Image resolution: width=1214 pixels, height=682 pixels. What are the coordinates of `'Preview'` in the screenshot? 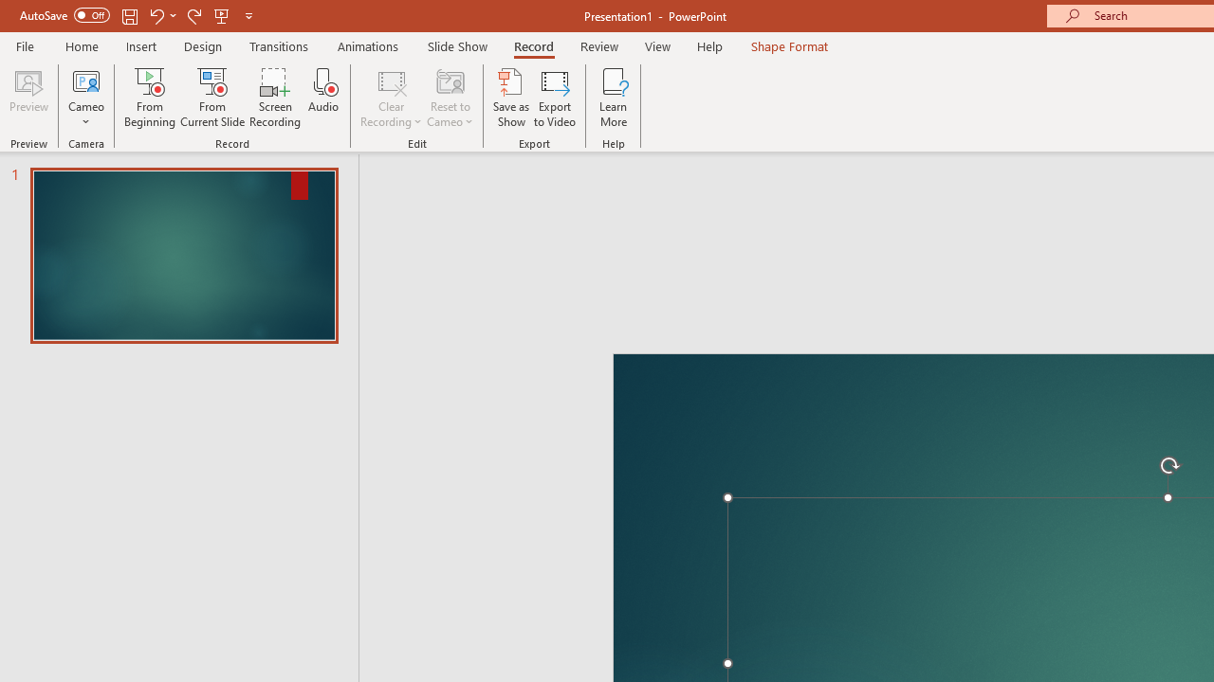 It's located at (28, 98).